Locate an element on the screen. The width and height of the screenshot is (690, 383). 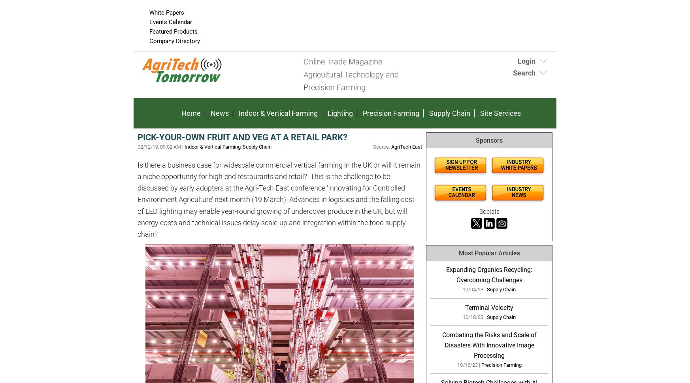
'Site Services' is located at coordinates (479, 113).